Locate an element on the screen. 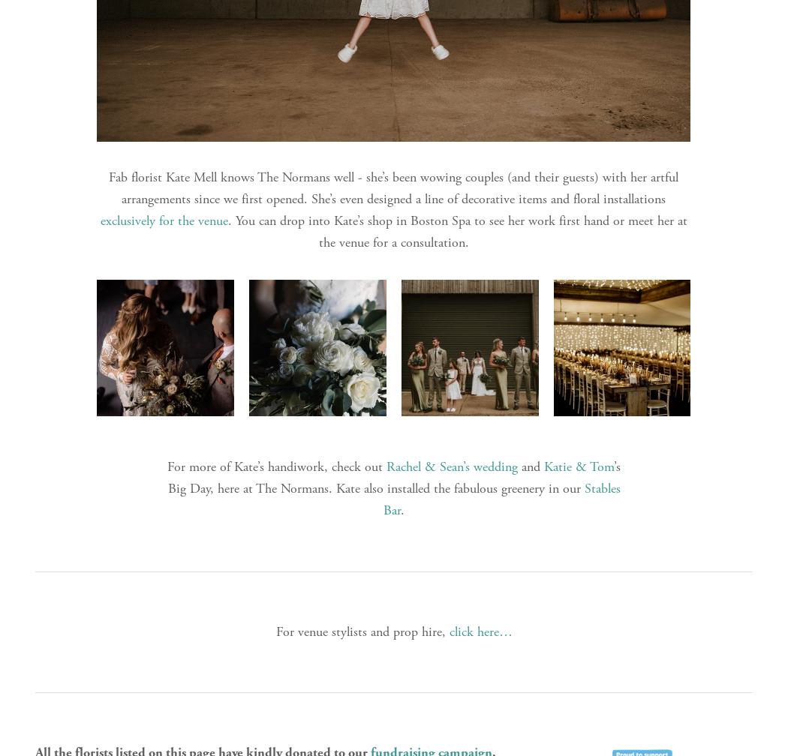 The height and width of the screenshot is (756, 788). 'exclusively for the venue' is located at coordinates (162, 220).